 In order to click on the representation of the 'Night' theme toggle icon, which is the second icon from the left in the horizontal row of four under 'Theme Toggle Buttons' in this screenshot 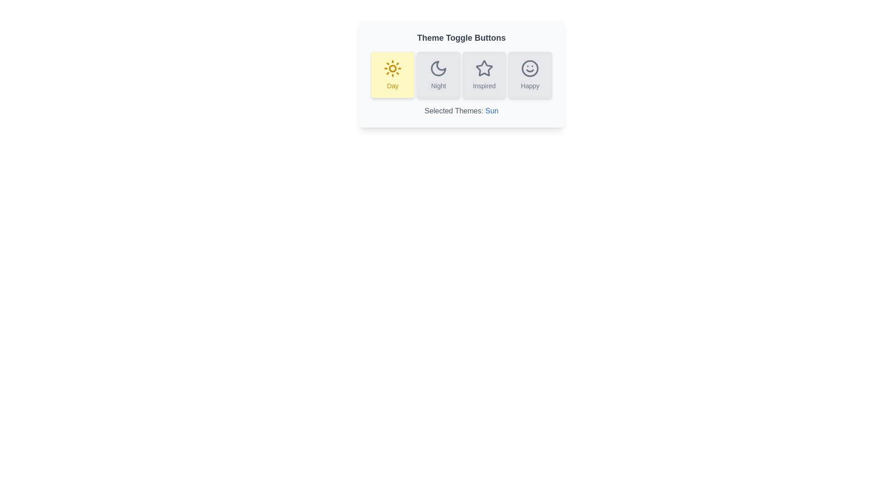, I will do `click(438, 68)`.